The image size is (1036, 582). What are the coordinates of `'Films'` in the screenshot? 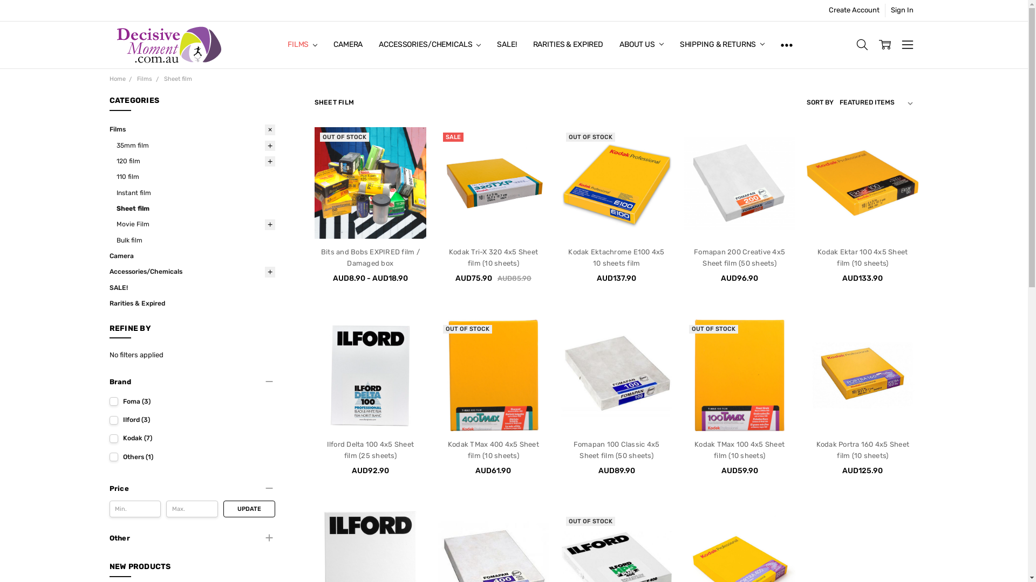 It's located at (144, 78).